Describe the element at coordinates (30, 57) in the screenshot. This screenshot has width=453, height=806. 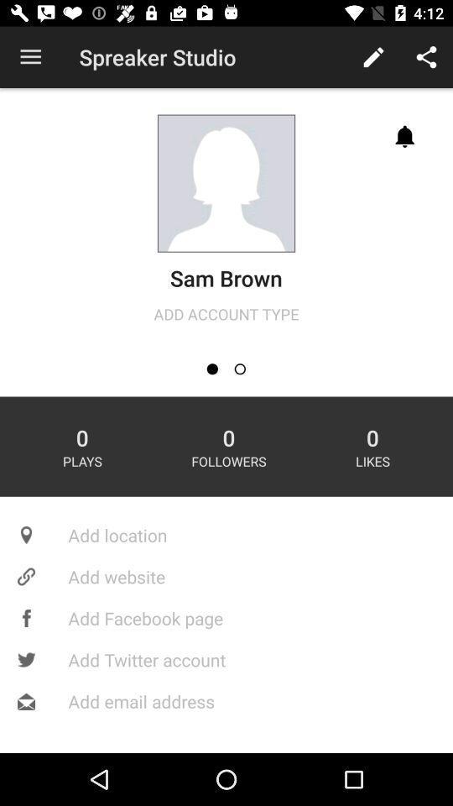
I see `icon at the top left corner` at that location.